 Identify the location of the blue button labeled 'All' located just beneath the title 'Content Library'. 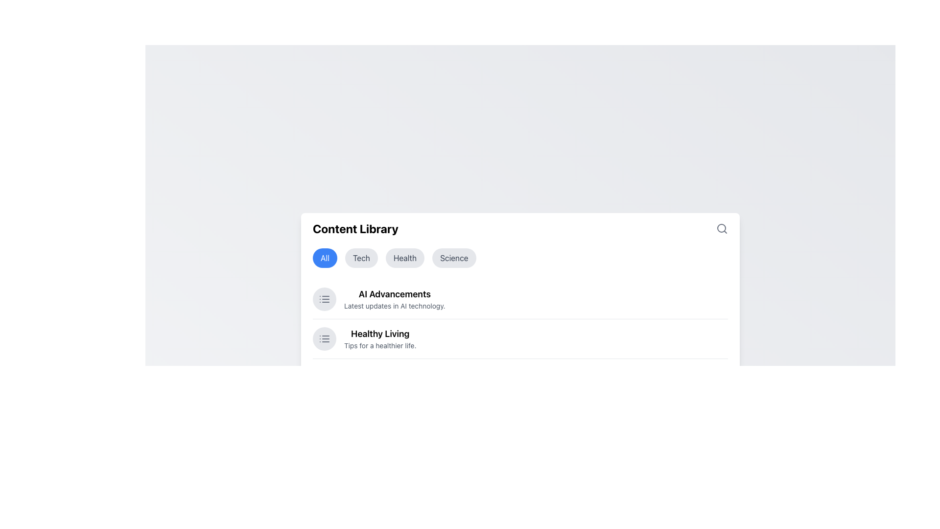
(325, 258).